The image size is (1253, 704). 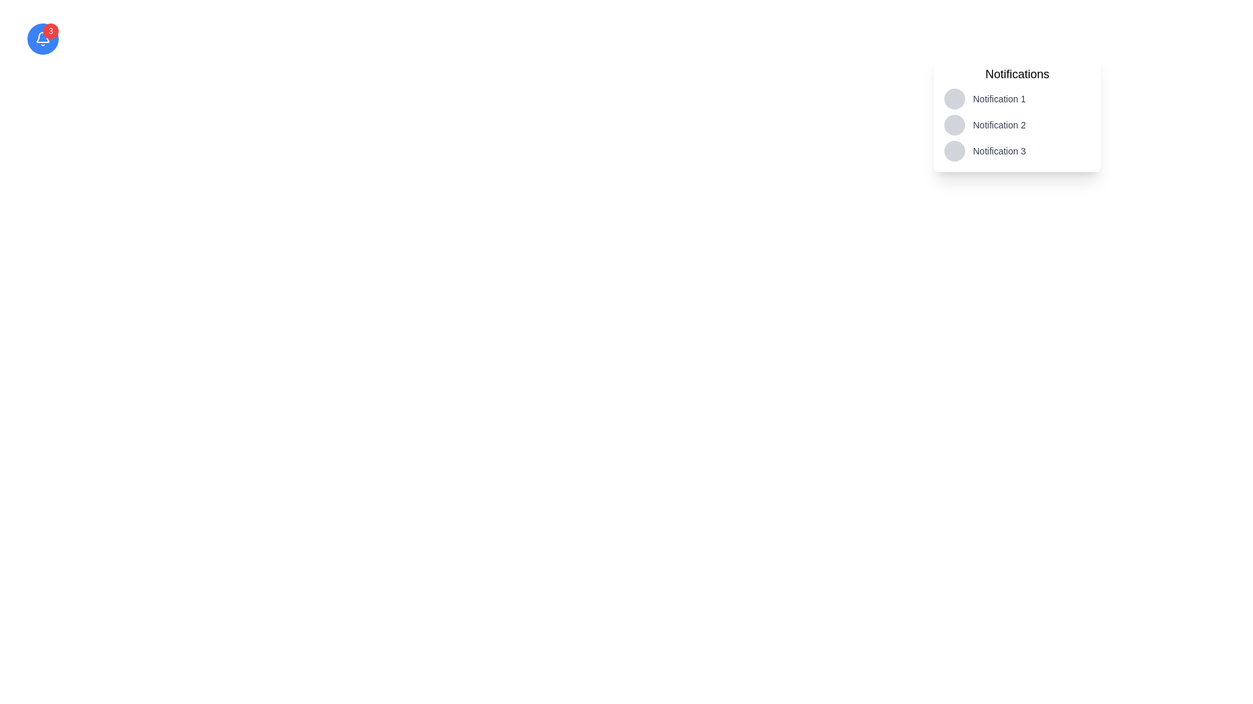 What do you see at coordinates (998, 150) in the screenshot?
I see `the Text label indicating the content of the third notification entry in the Notifications list` at bounding box center [998, 150].